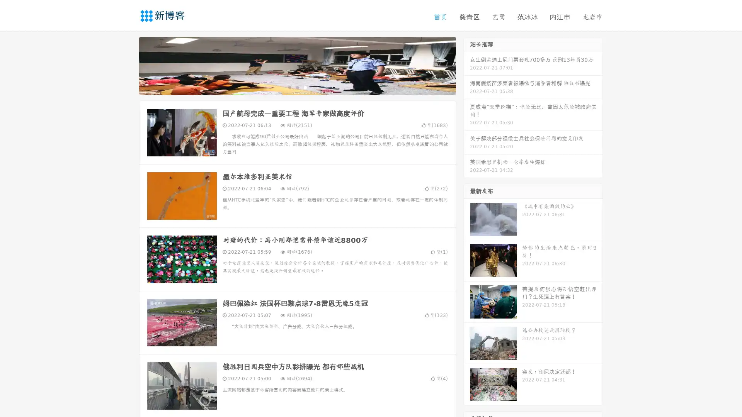 This screenshot has width=742, height=417. What do you see at coordinates (305, 87) in the screenshot?
I see `Go to slide 3` at bounding box center [305, 87].